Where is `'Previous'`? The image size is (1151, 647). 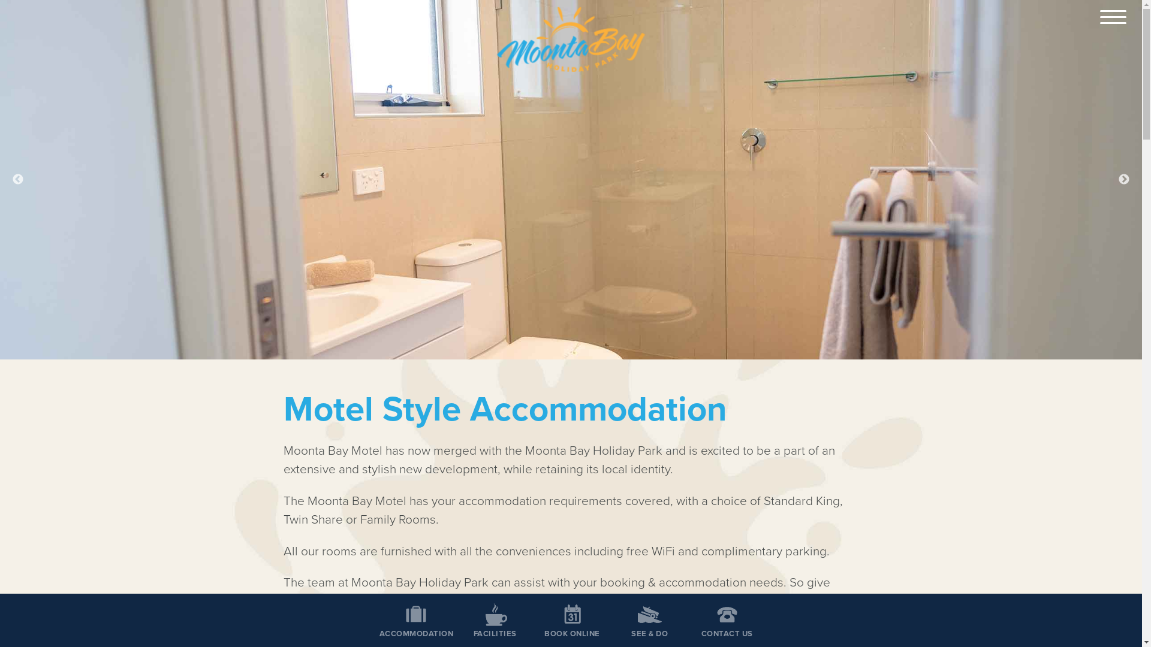 'Previous' is located at coordinates (17, 180).